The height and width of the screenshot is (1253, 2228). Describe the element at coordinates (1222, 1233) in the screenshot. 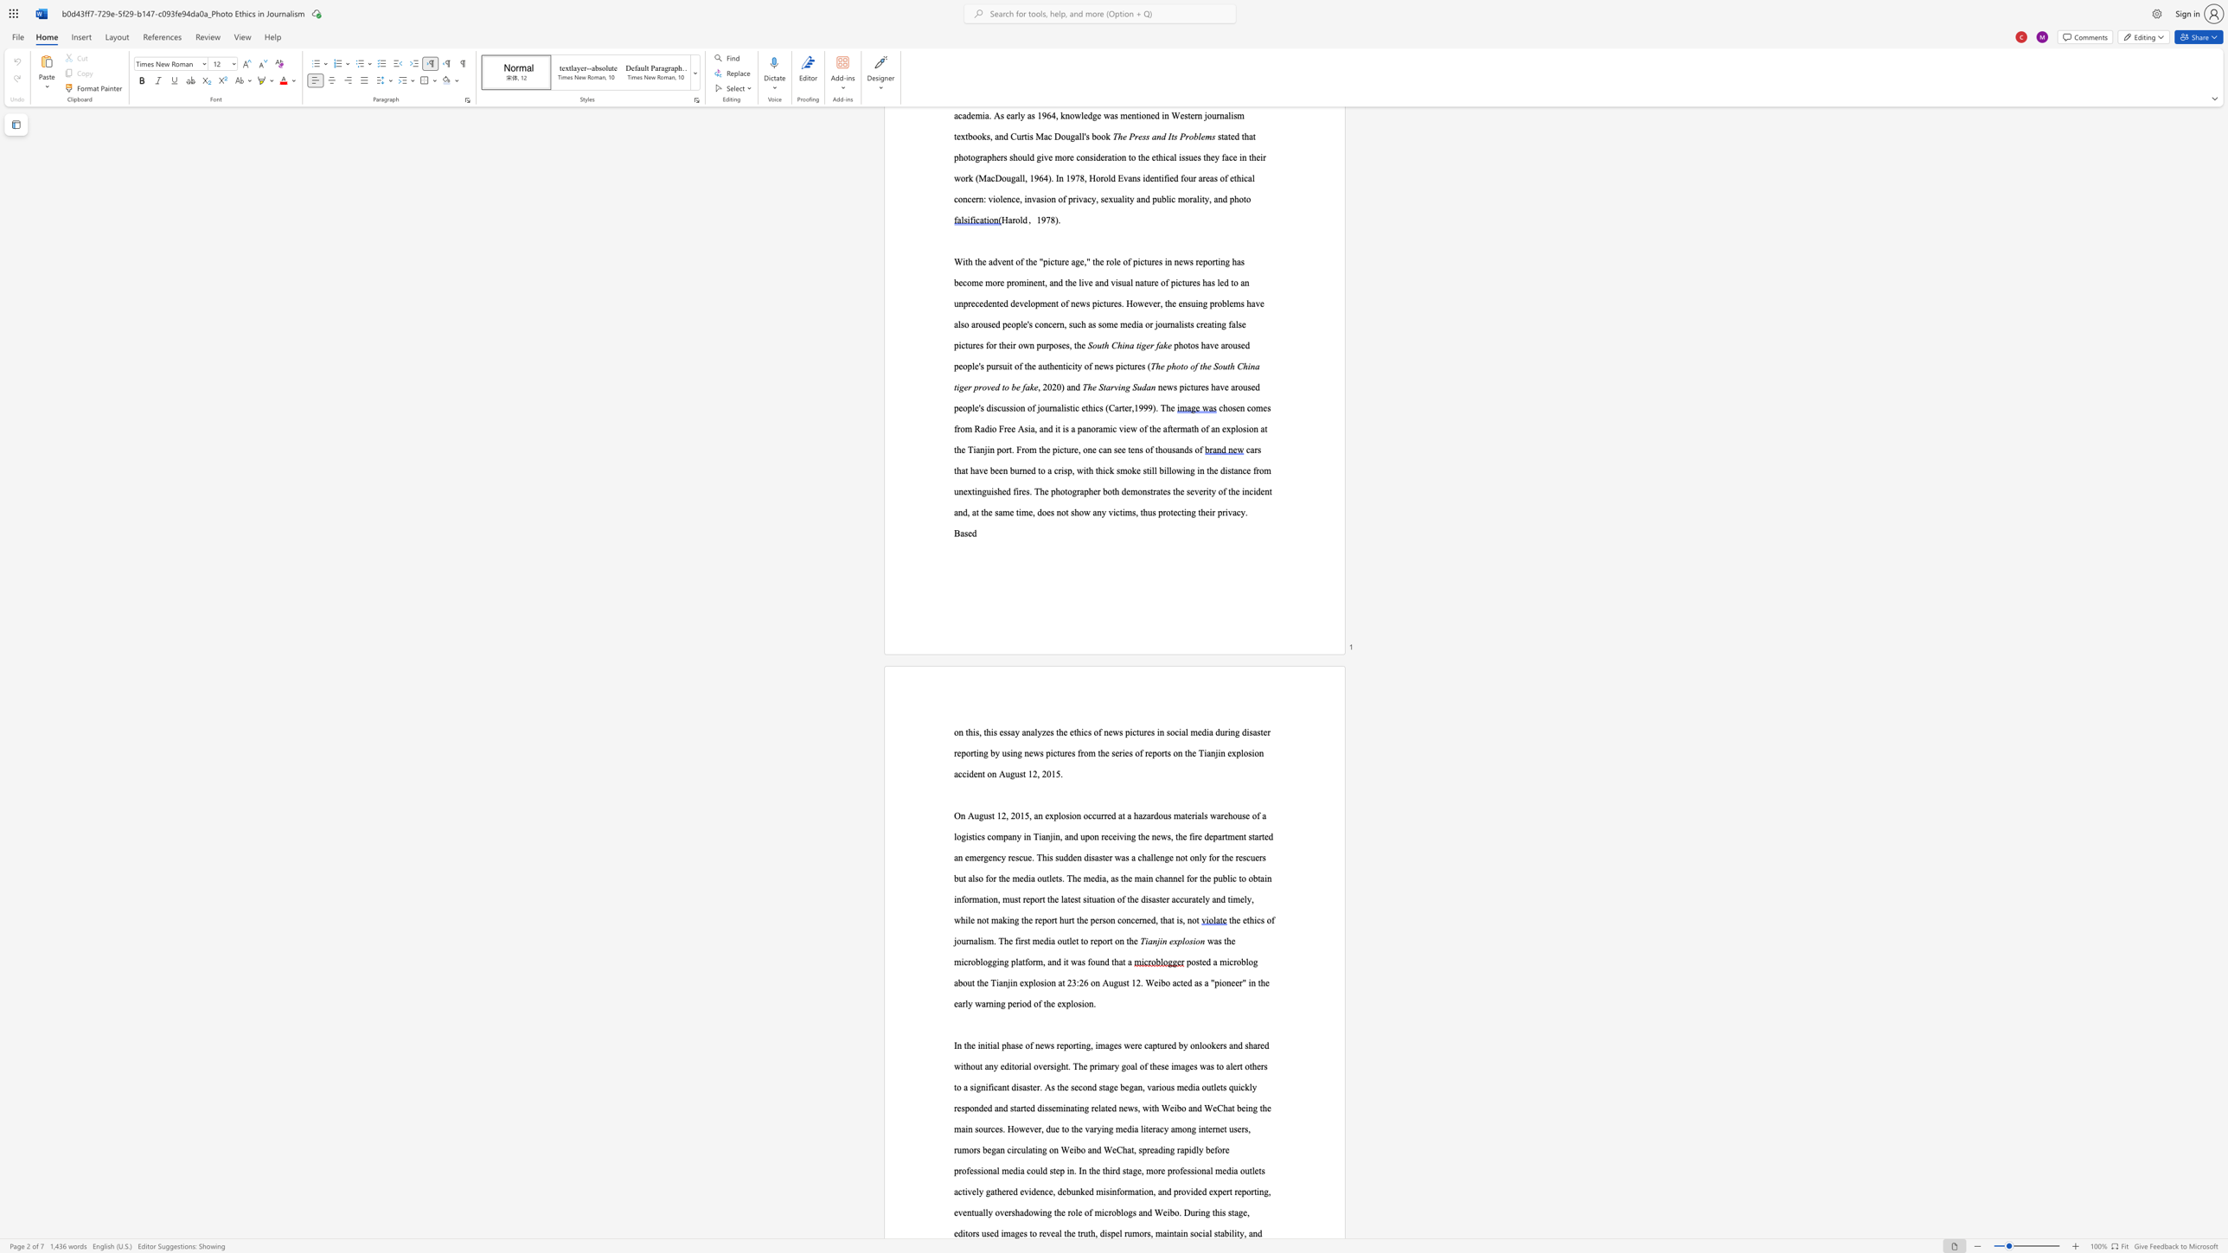

I see `the 2th character "a" in the text` at that location.